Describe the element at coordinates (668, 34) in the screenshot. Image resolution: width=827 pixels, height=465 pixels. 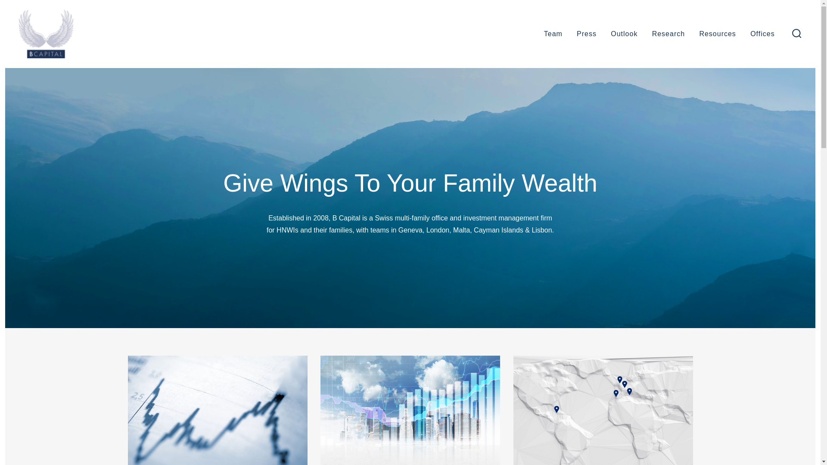
I see `'Research'` at that location.